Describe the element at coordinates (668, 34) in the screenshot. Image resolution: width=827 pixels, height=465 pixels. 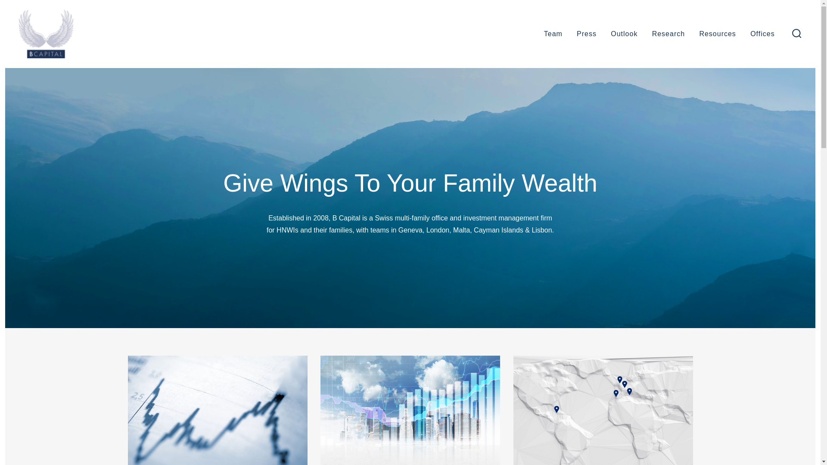
I see `'Research'` at that location.